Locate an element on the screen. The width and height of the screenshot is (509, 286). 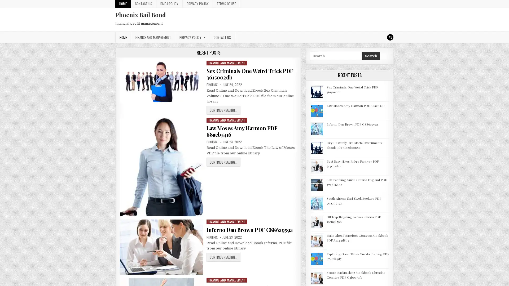
Search is located at coordinates (371, 56).